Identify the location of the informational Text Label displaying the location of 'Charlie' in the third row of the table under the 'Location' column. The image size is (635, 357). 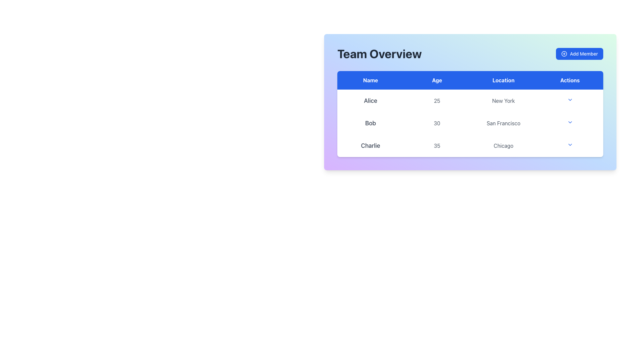
(503, 145).